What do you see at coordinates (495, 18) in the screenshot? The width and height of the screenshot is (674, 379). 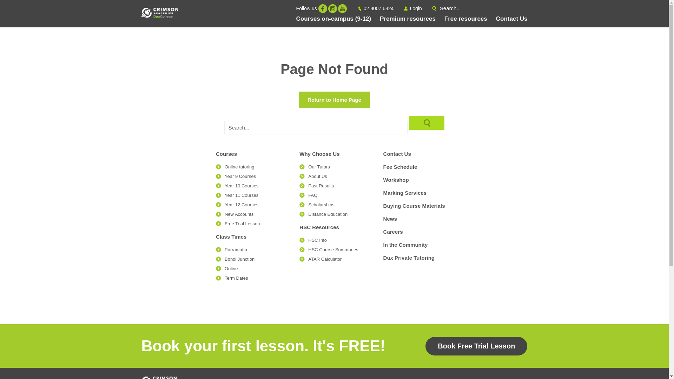 I see `'Contact Us'` at bounding box center [495, 18].